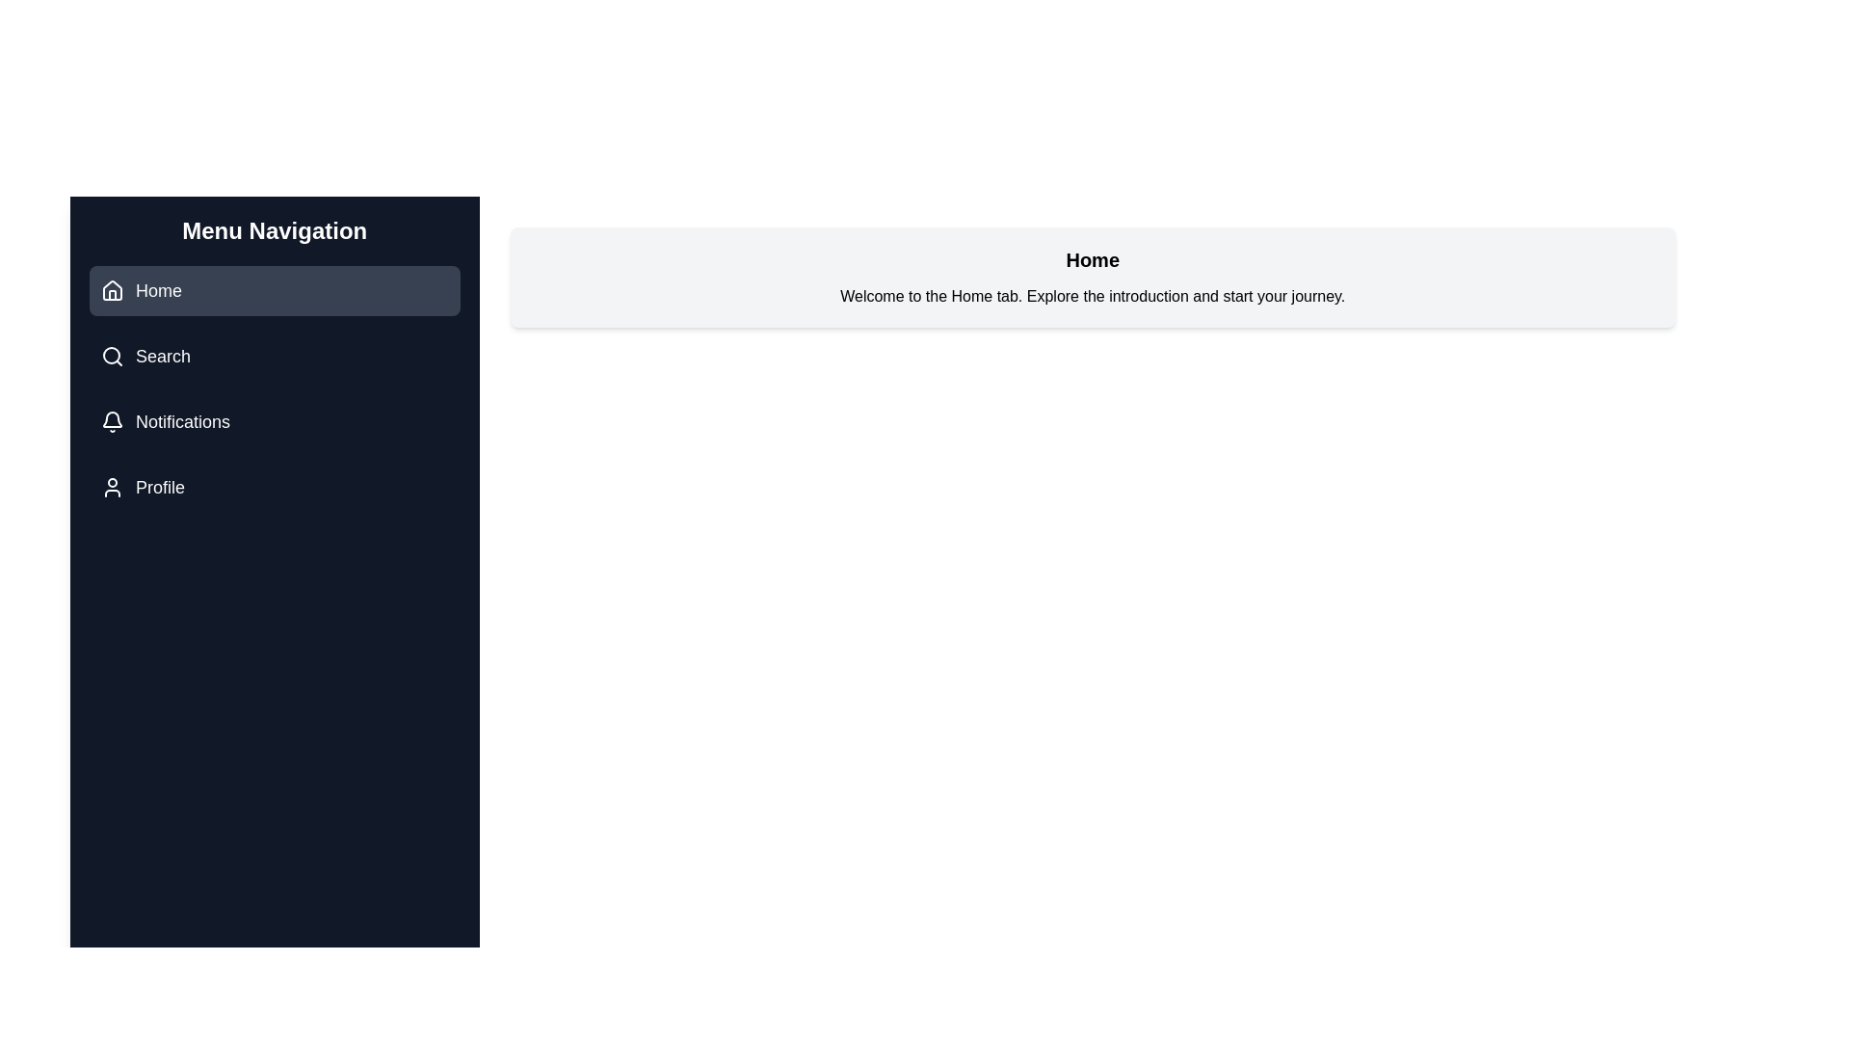  What do you see at coordinates (274, 290) in the screenshot?
I see `the tab Home to observe its icon and title` at bounding box center [274, 290].